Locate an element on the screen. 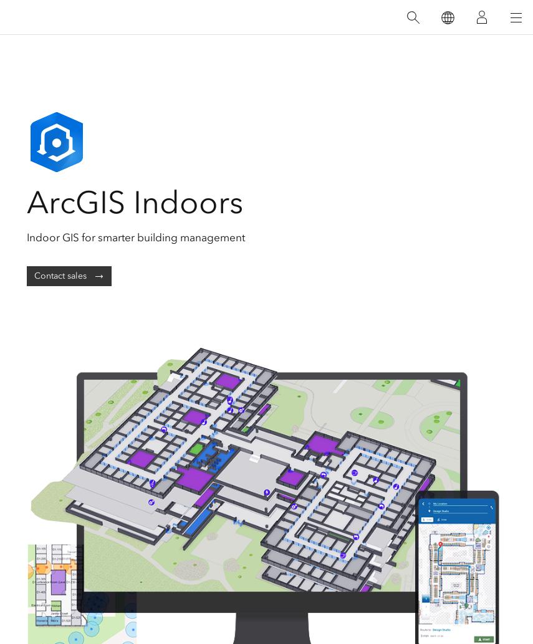 The height and width of the screenshot is (644, 533). '1-800-447-9778' is located at coordinates (266, 554).